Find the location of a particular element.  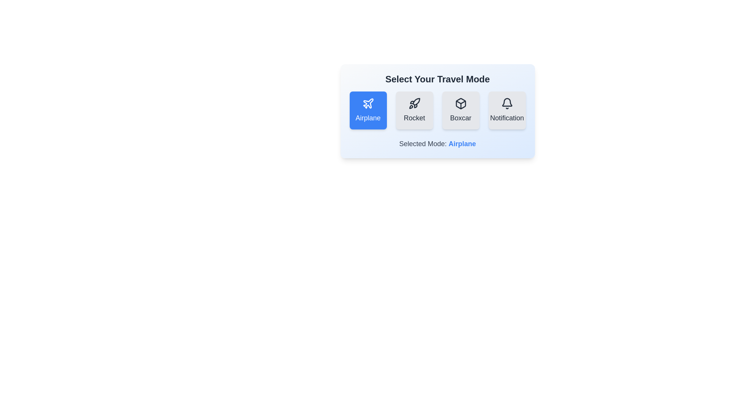

the button corresponding to the travel mode Airplane is located at coordinates (368, 110).